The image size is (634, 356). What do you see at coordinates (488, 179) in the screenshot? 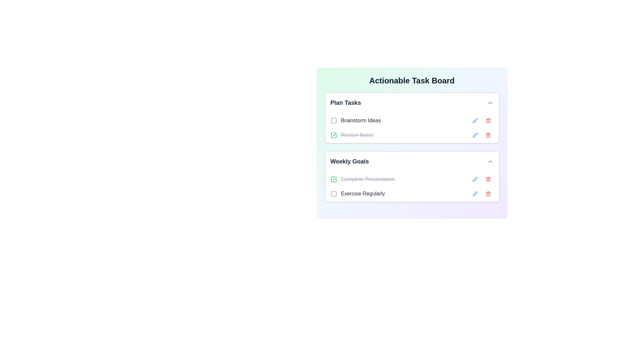
I see `the trash bin icon button located at the far-right side of the 'Weekly Goals' task row` at bounding box center [488, 179].